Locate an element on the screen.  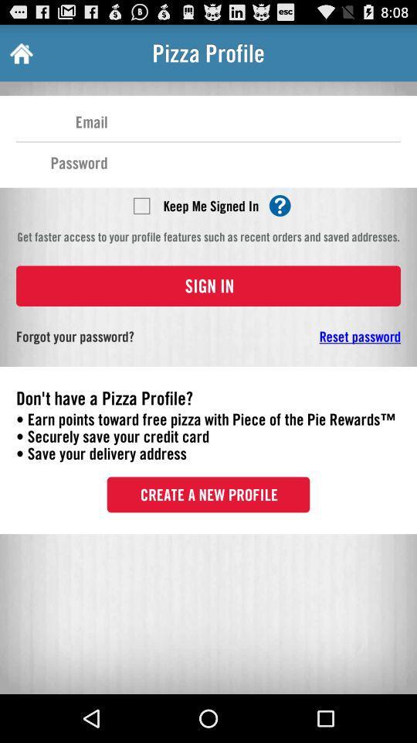
the app below the get faster access app is located at coordinates (208, 285).